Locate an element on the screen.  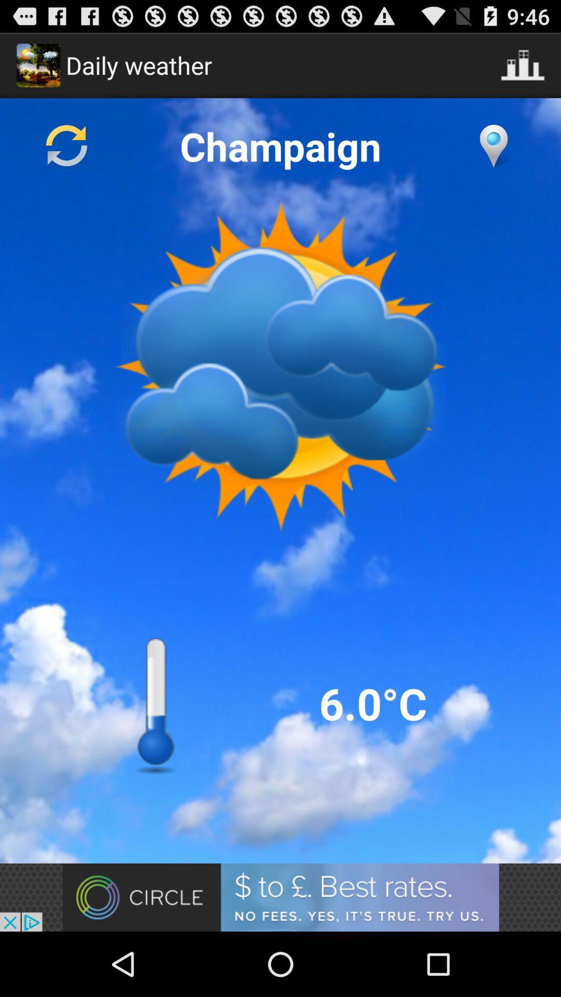
advertisement is located at coordinates (280, 897).